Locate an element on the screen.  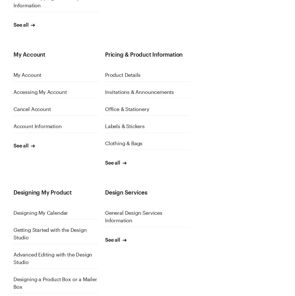
'Cancel Account' is located at coordinates (32, 109).